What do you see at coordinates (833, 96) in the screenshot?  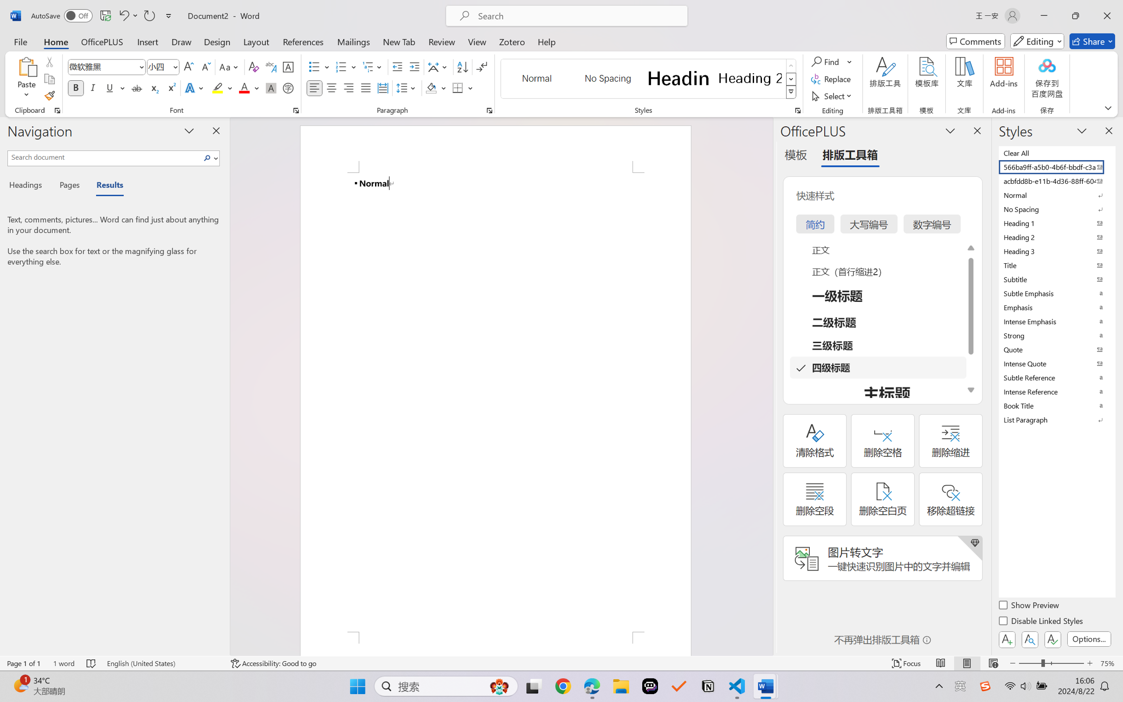 I see `'Select'` at bounding box center [833, 96].